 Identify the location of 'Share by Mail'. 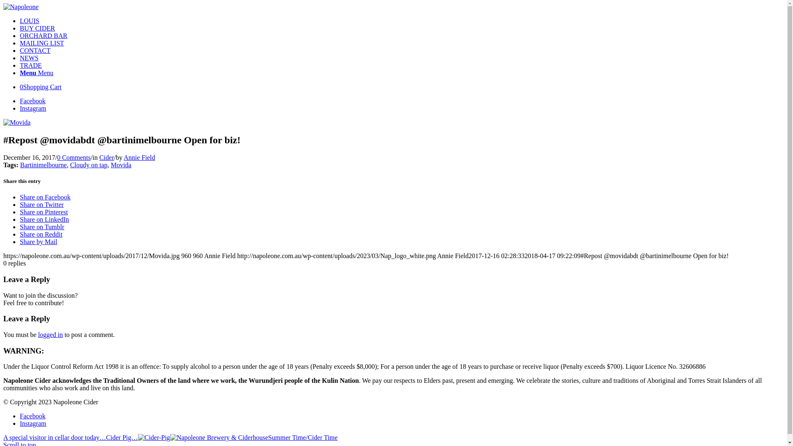
(20, 242).